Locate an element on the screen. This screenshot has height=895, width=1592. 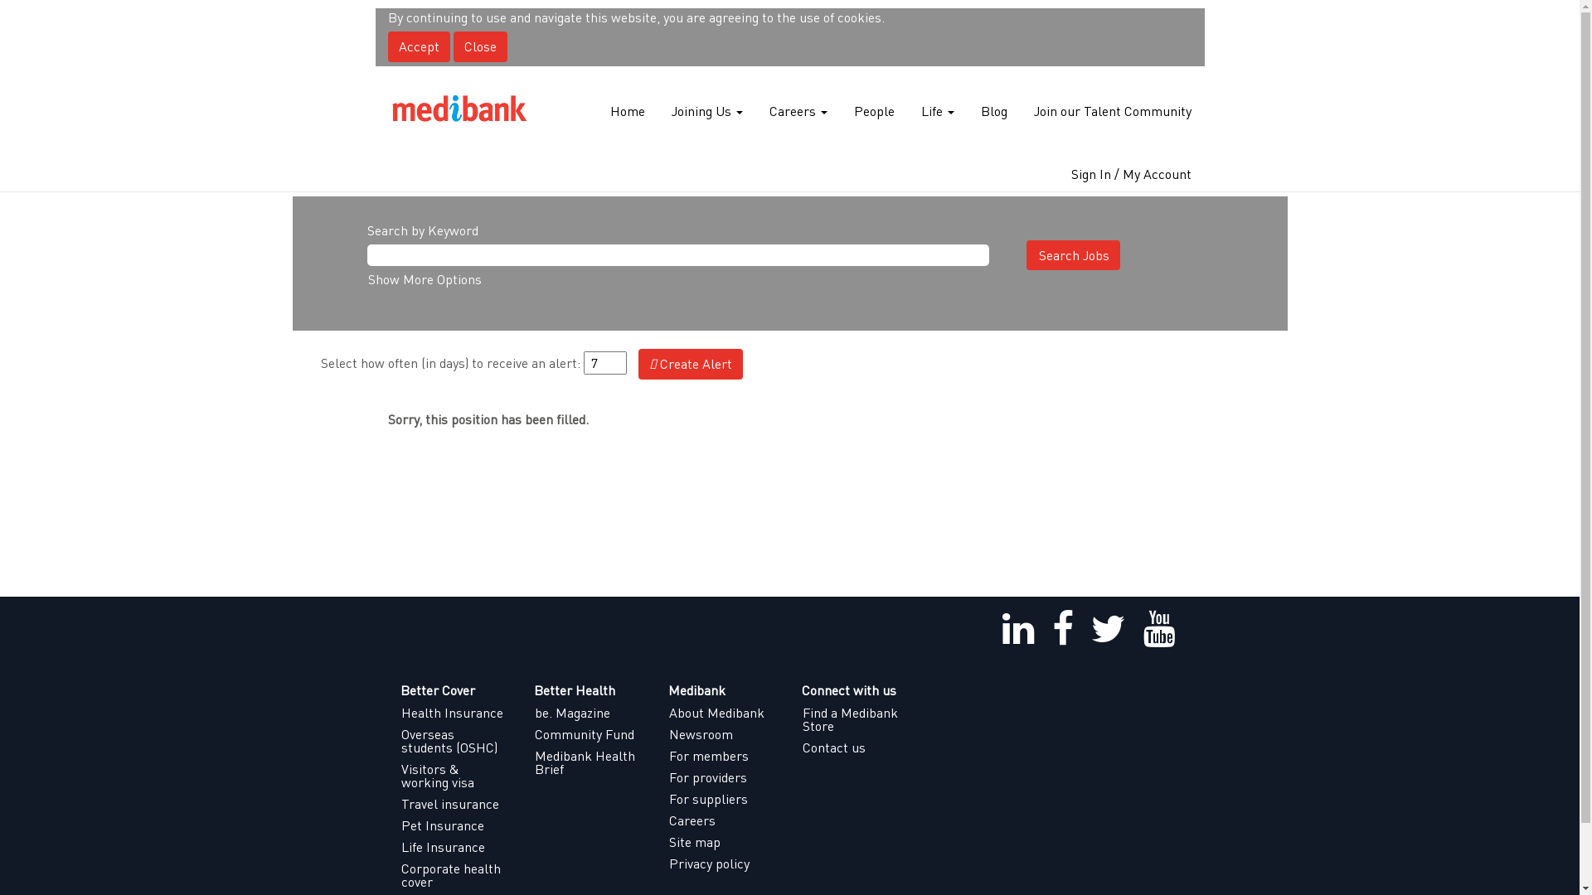
'Pet Insurance' is located at coordinates (399, 825).